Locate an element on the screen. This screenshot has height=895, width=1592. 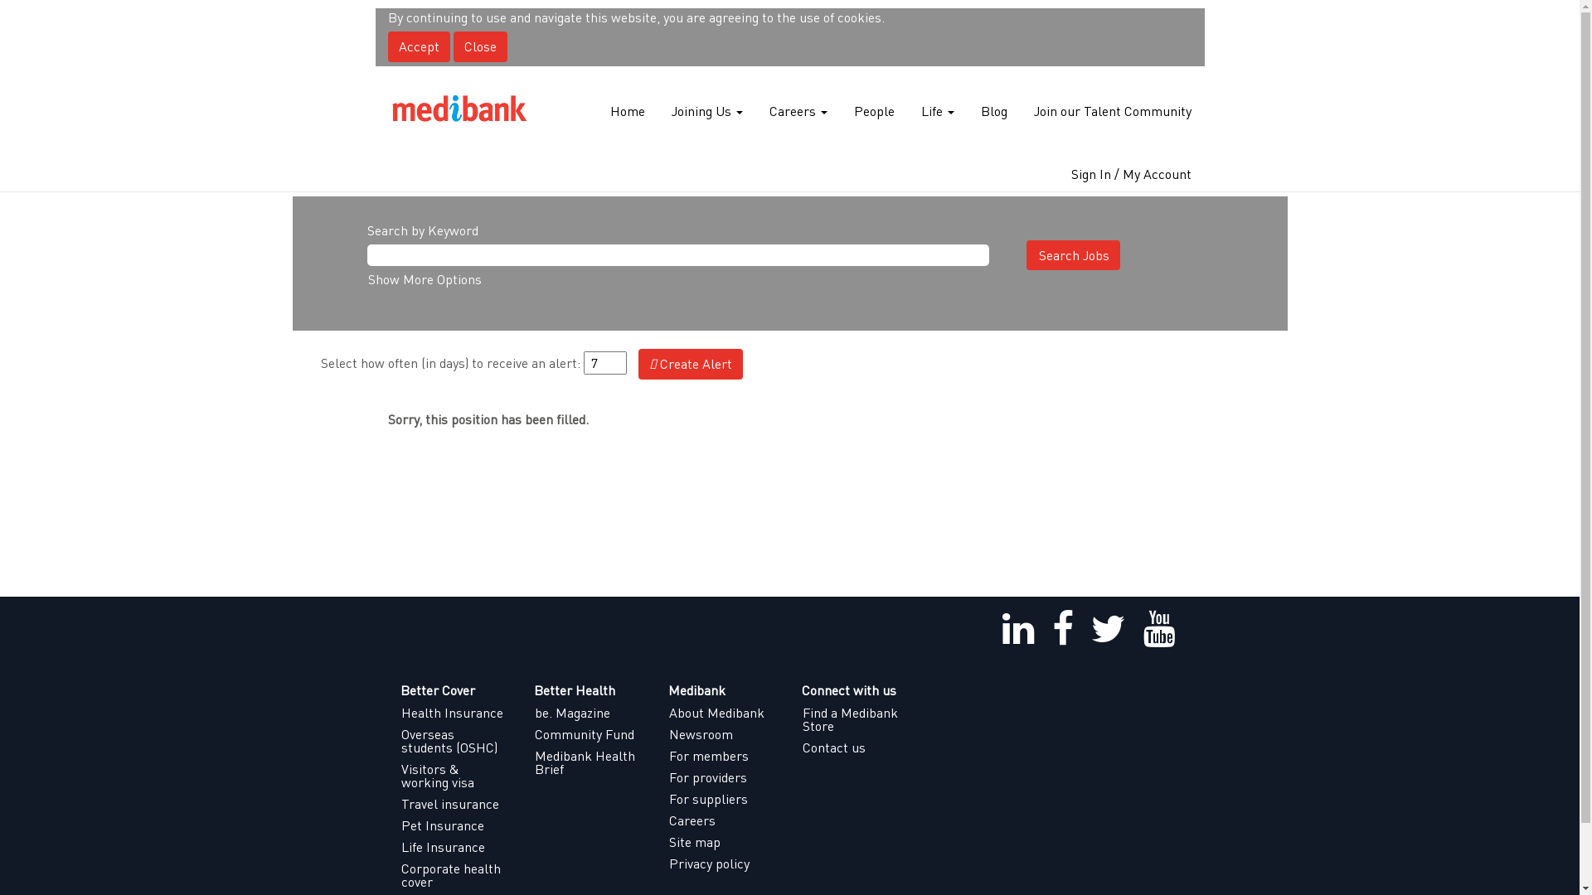
'Pet Insurance' is located at coordinates (399, 825).